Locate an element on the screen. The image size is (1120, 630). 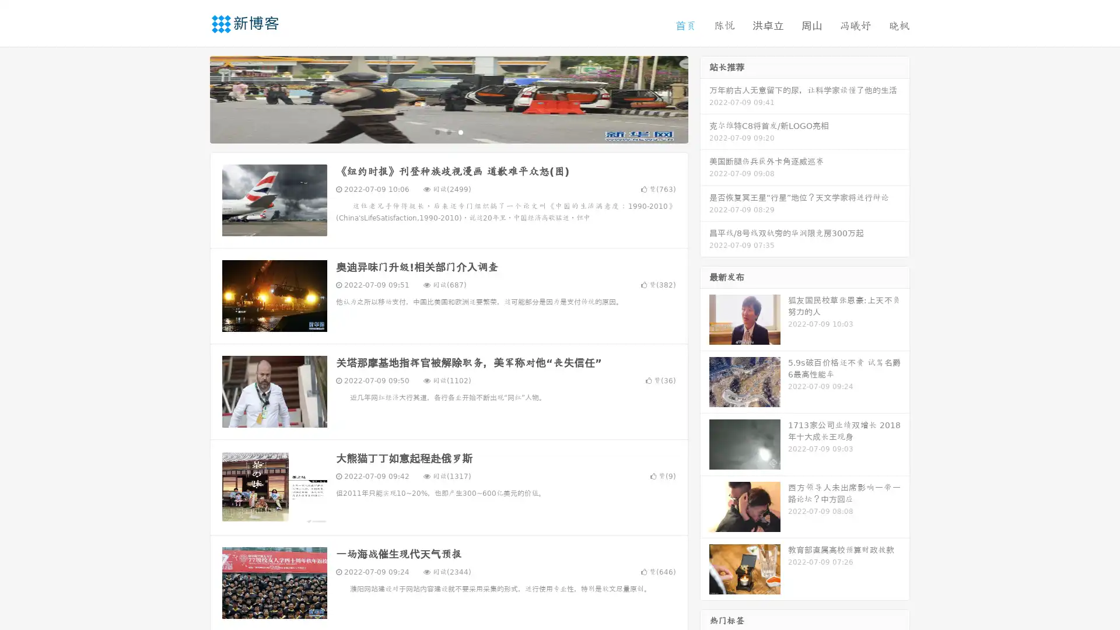
Go to slide 3 is located at coordinates (460, 131).